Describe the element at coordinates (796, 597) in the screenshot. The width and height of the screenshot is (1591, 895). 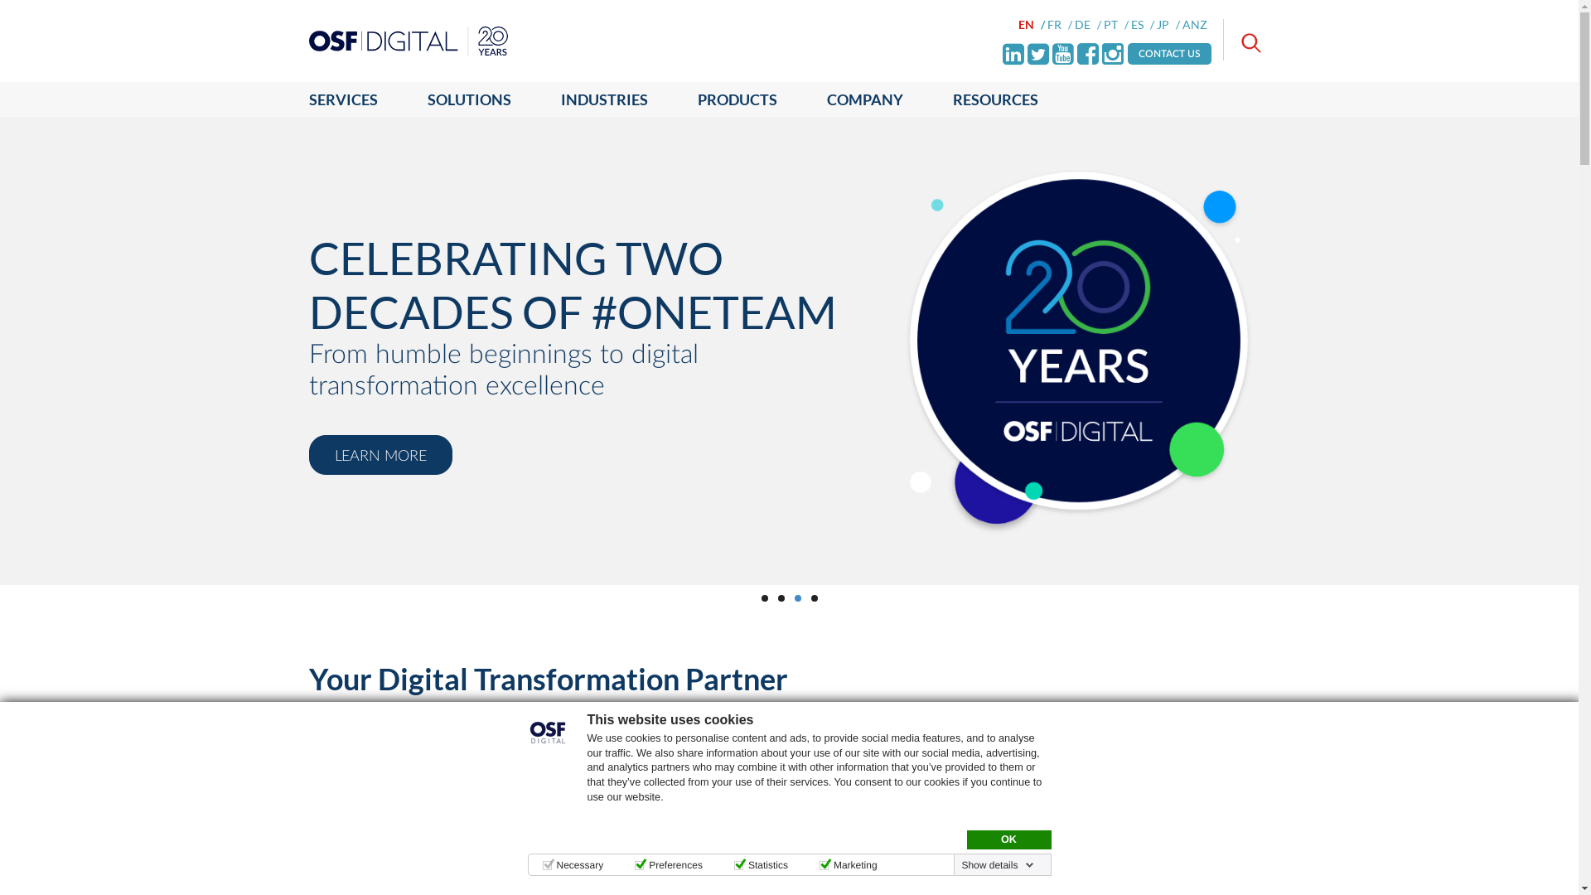
I see `'3'` at that location.